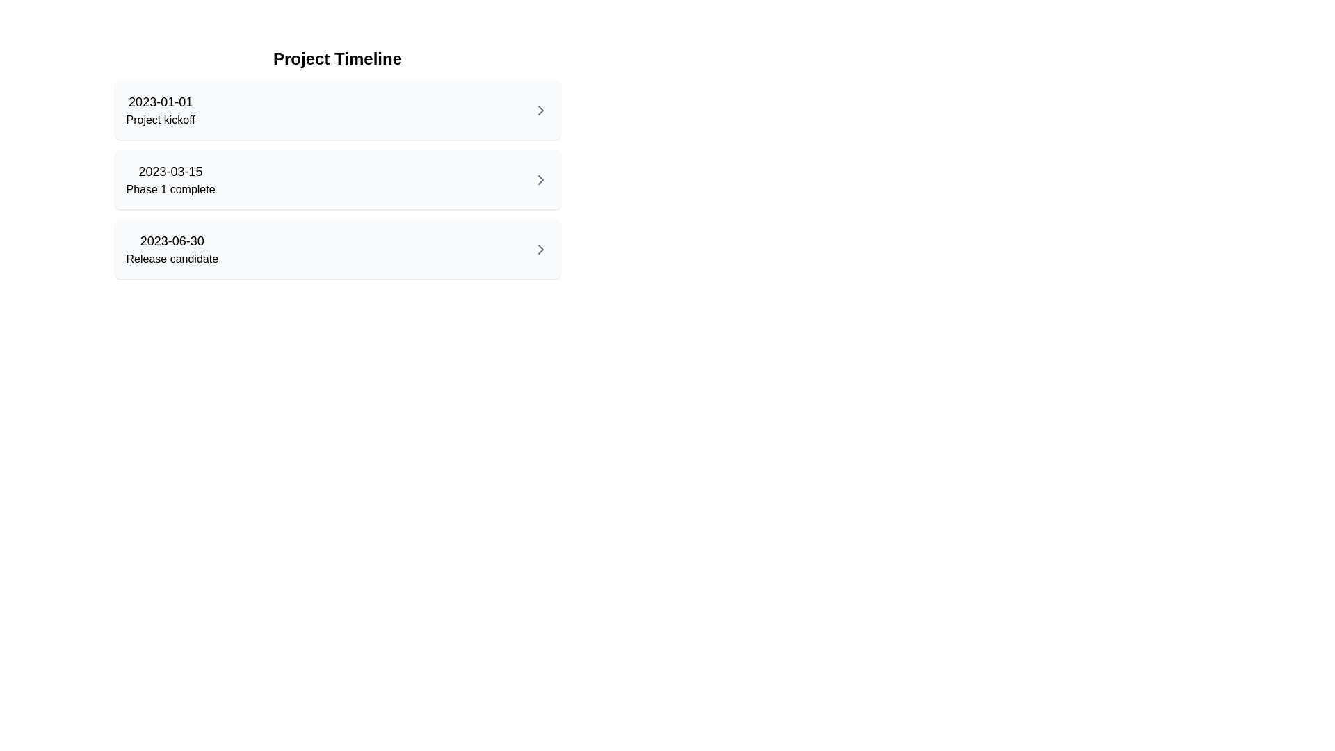 This screenshot has width=1335, height=751. What do you see at coordinates (161, 101) in the screenshot?
I see `the non-interactive text label that displays the date associated with the first timeline event, positioned above the 'Project kickoff' label` at bounding box center [161, 101].